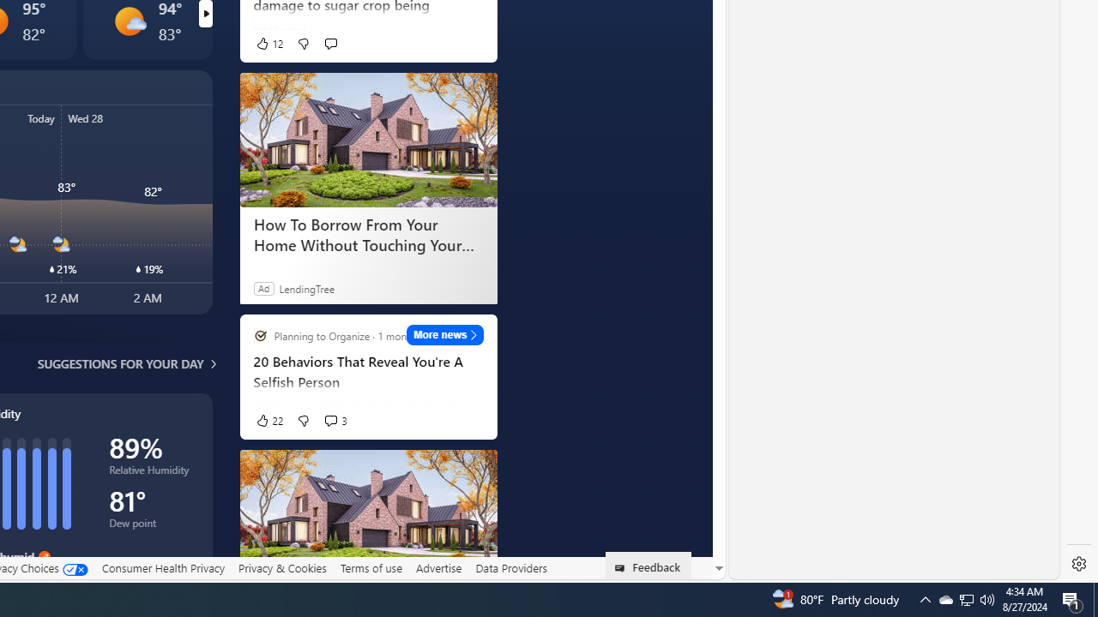 The image size is (1098, 617). I want to click on 'Class: feedback_link_icon-DS-EntryPoint1-1', so click(623, 568).